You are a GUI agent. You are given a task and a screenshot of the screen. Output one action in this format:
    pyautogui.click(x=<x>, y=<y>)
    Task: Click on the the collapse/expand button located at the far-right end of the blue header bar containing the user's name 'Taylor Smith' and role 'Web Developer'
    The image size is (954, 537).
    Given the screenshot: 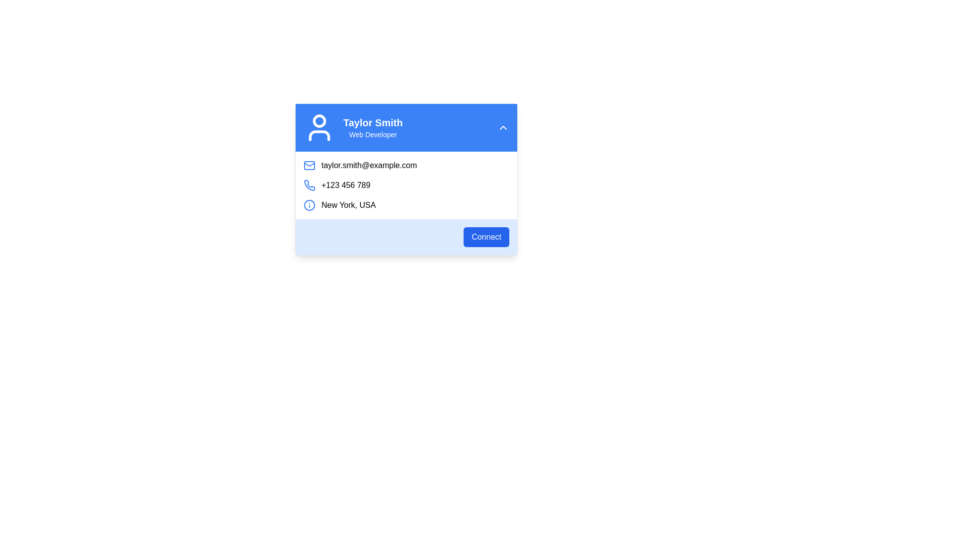 What is the action you would take?
    pyautogui.click(x=503, y=127)
    